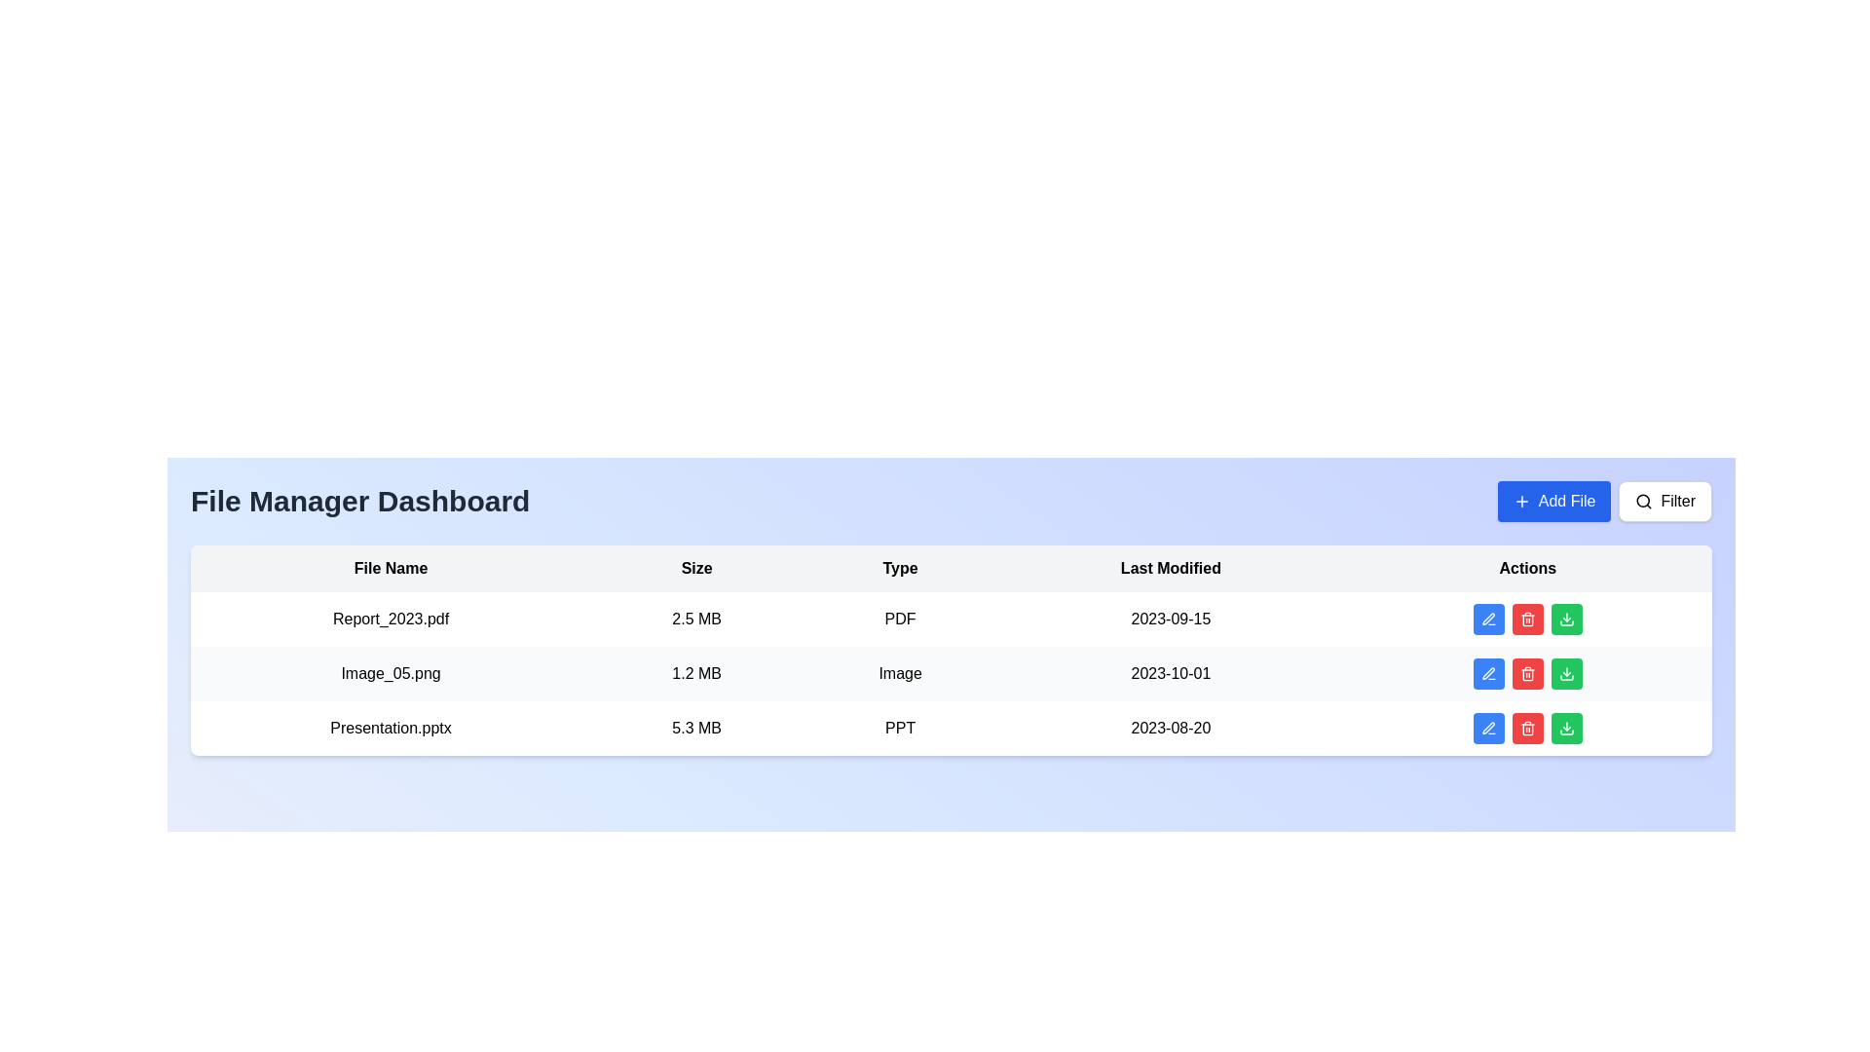 The width and height of the screenshot is (1870, 1052). What do you see at coordinates (360, 501) in the screenshot?
I see `the 'File Manager Dashboard' text header, which is a bold, large-sized title positioned at the top-left of the interface` at bounding box center [360, 501].